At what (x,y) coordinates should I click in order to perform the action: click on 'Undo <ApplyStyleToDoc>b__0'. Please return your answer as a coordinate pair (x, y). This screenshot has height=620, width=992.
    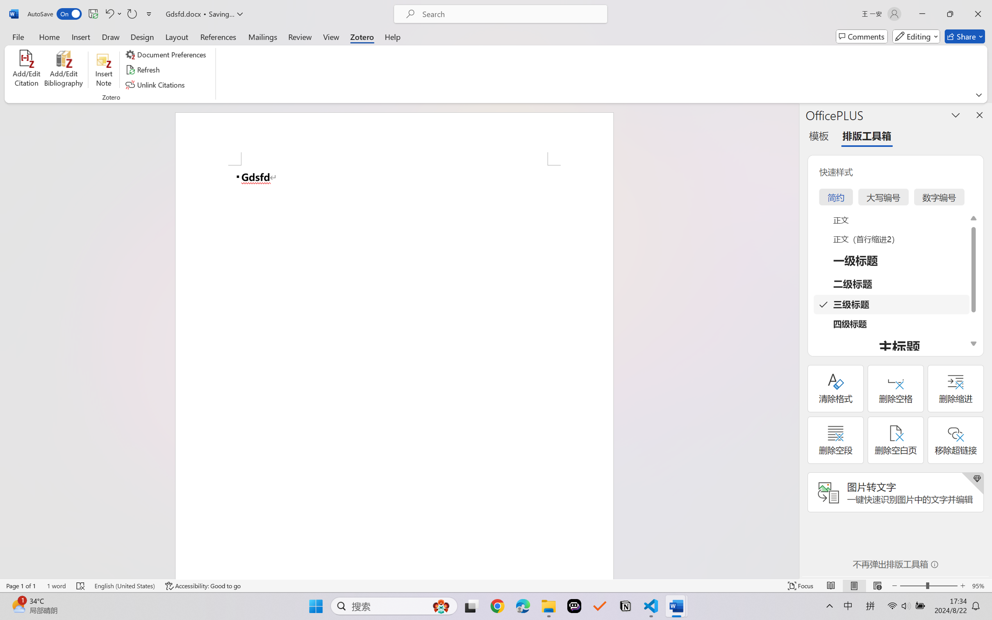
    Looking at the image, I should click on (109, 14).